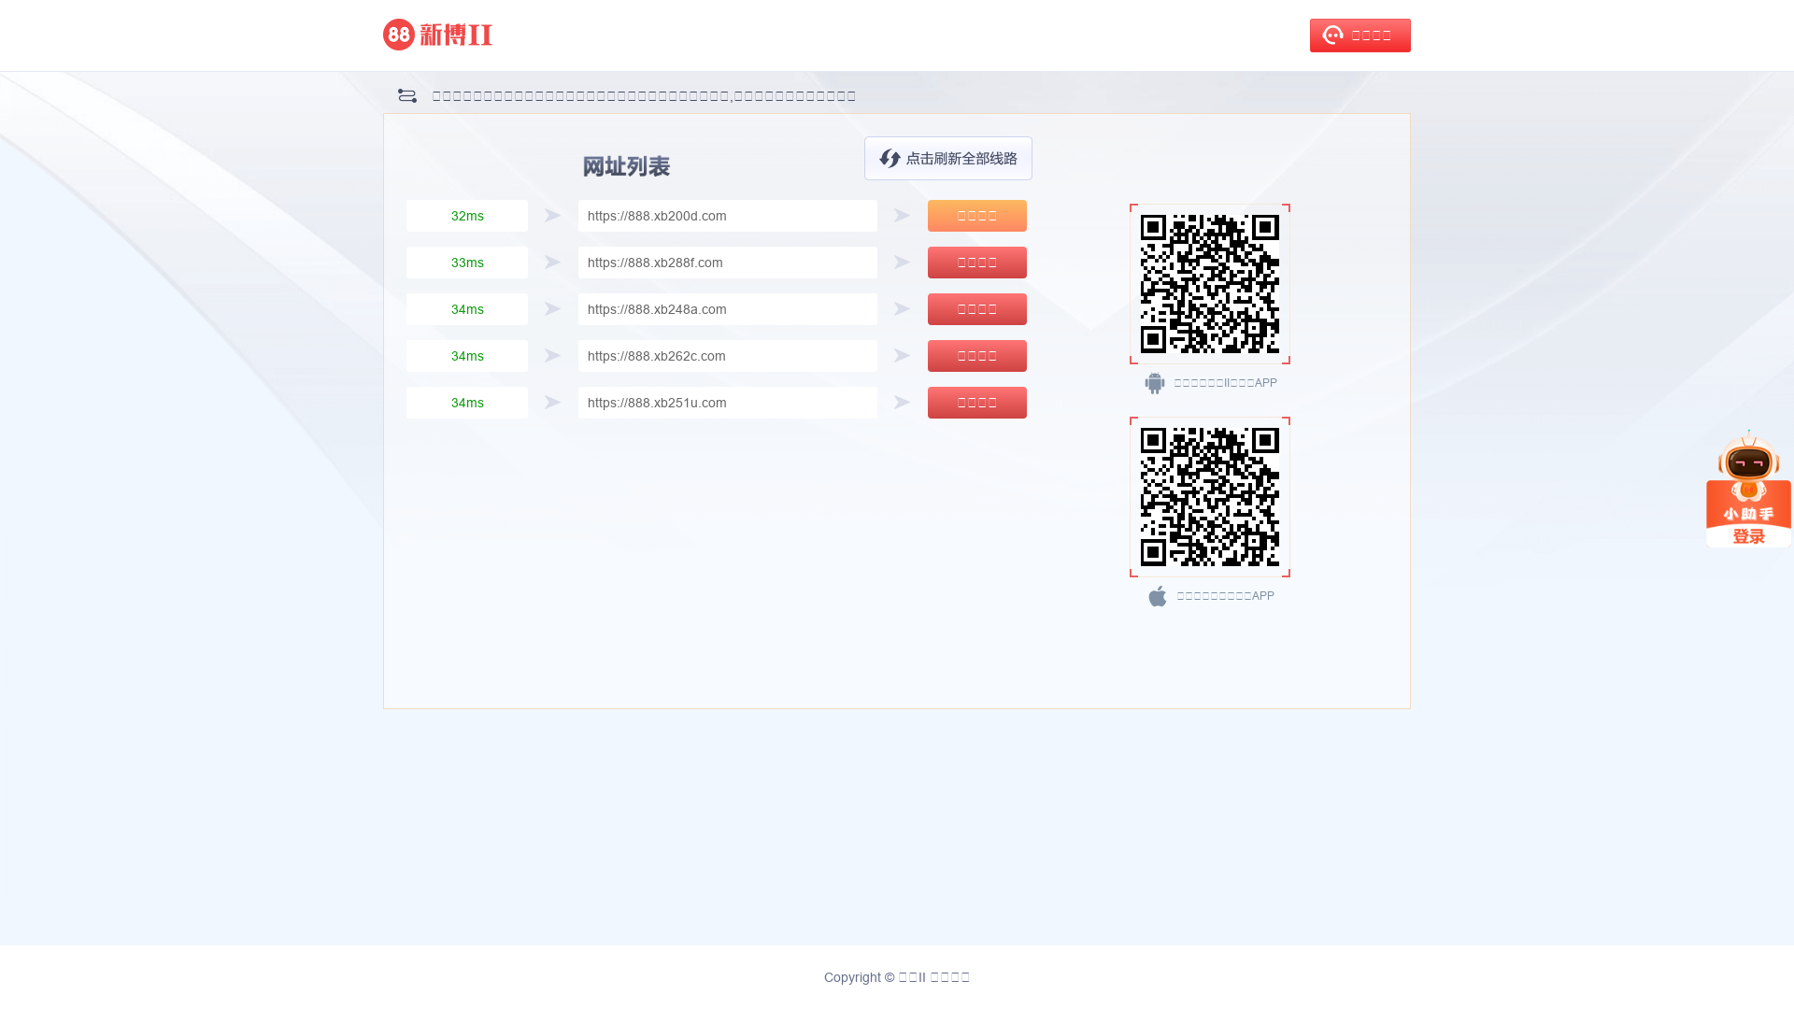 The height and width of the screenshot is (1009, 1794). I want to click on 'https://www.d3s9v.cc/download/nn9ejT', so click(1129, 496).